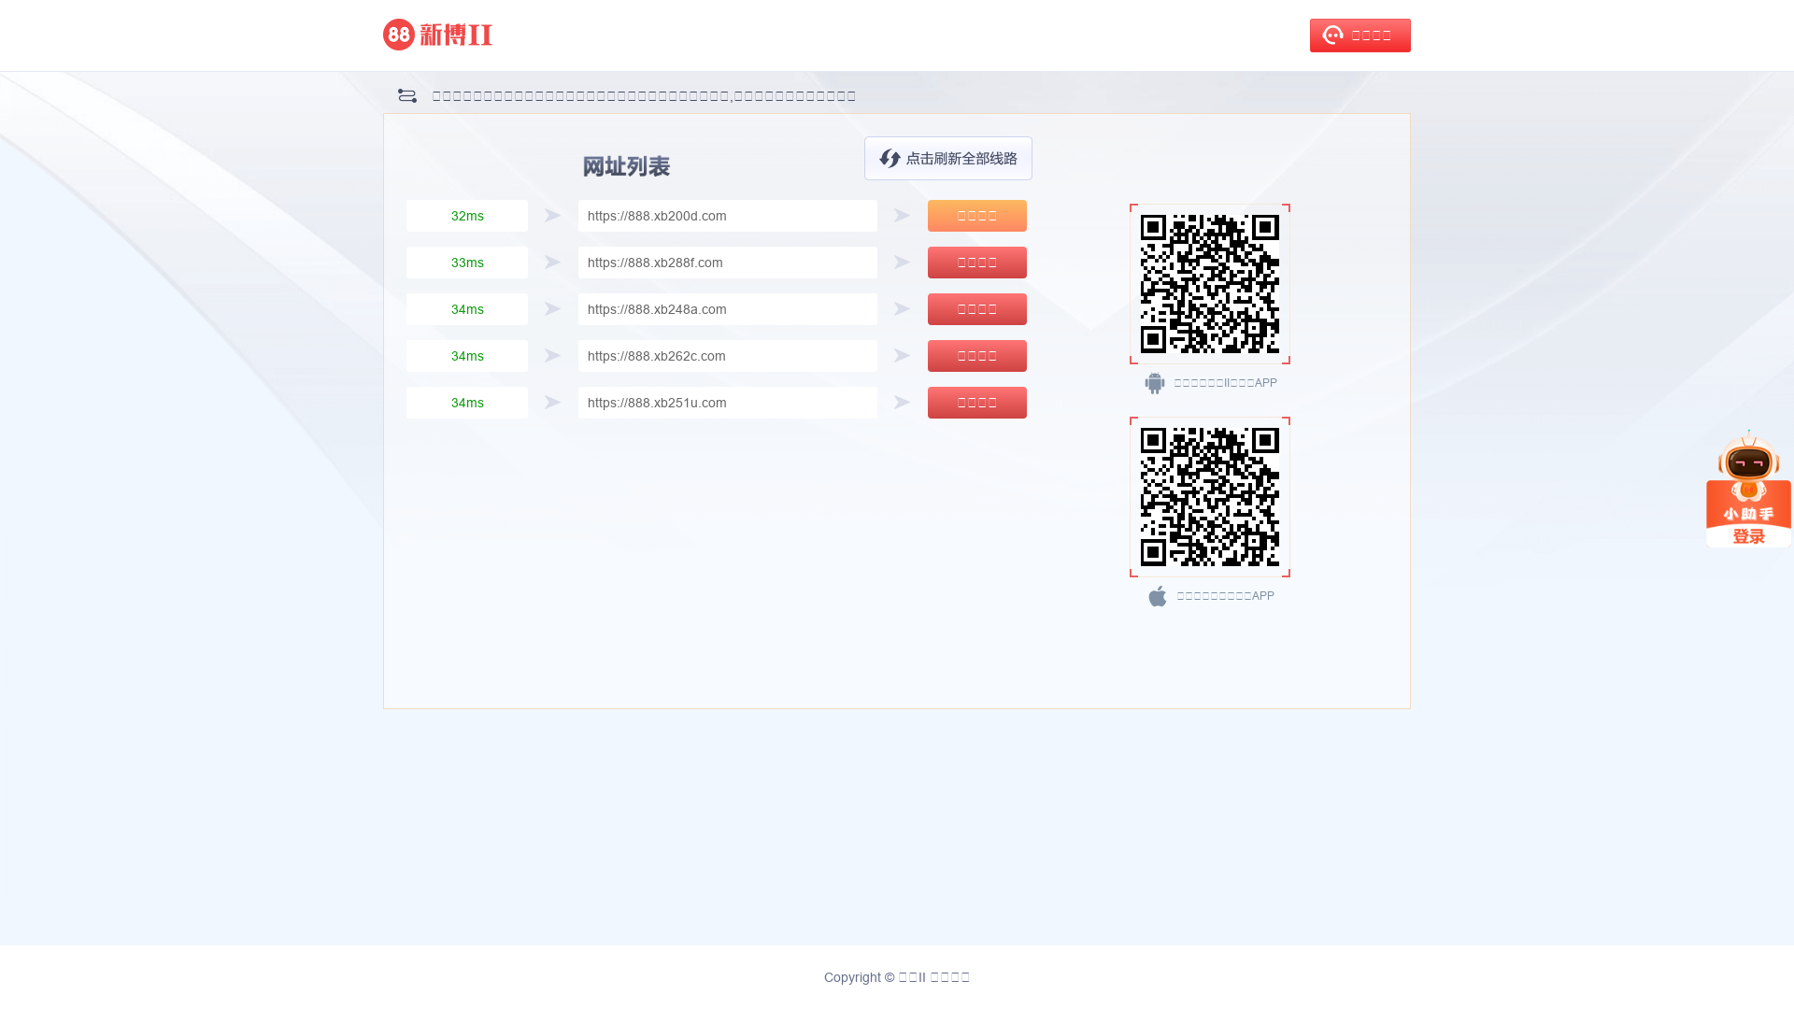 The height and width of the screenshot is (1009, 1794). I want to click on 'https://www.d3s9v.cc/download/nn9ejT', so click(1129, 496).